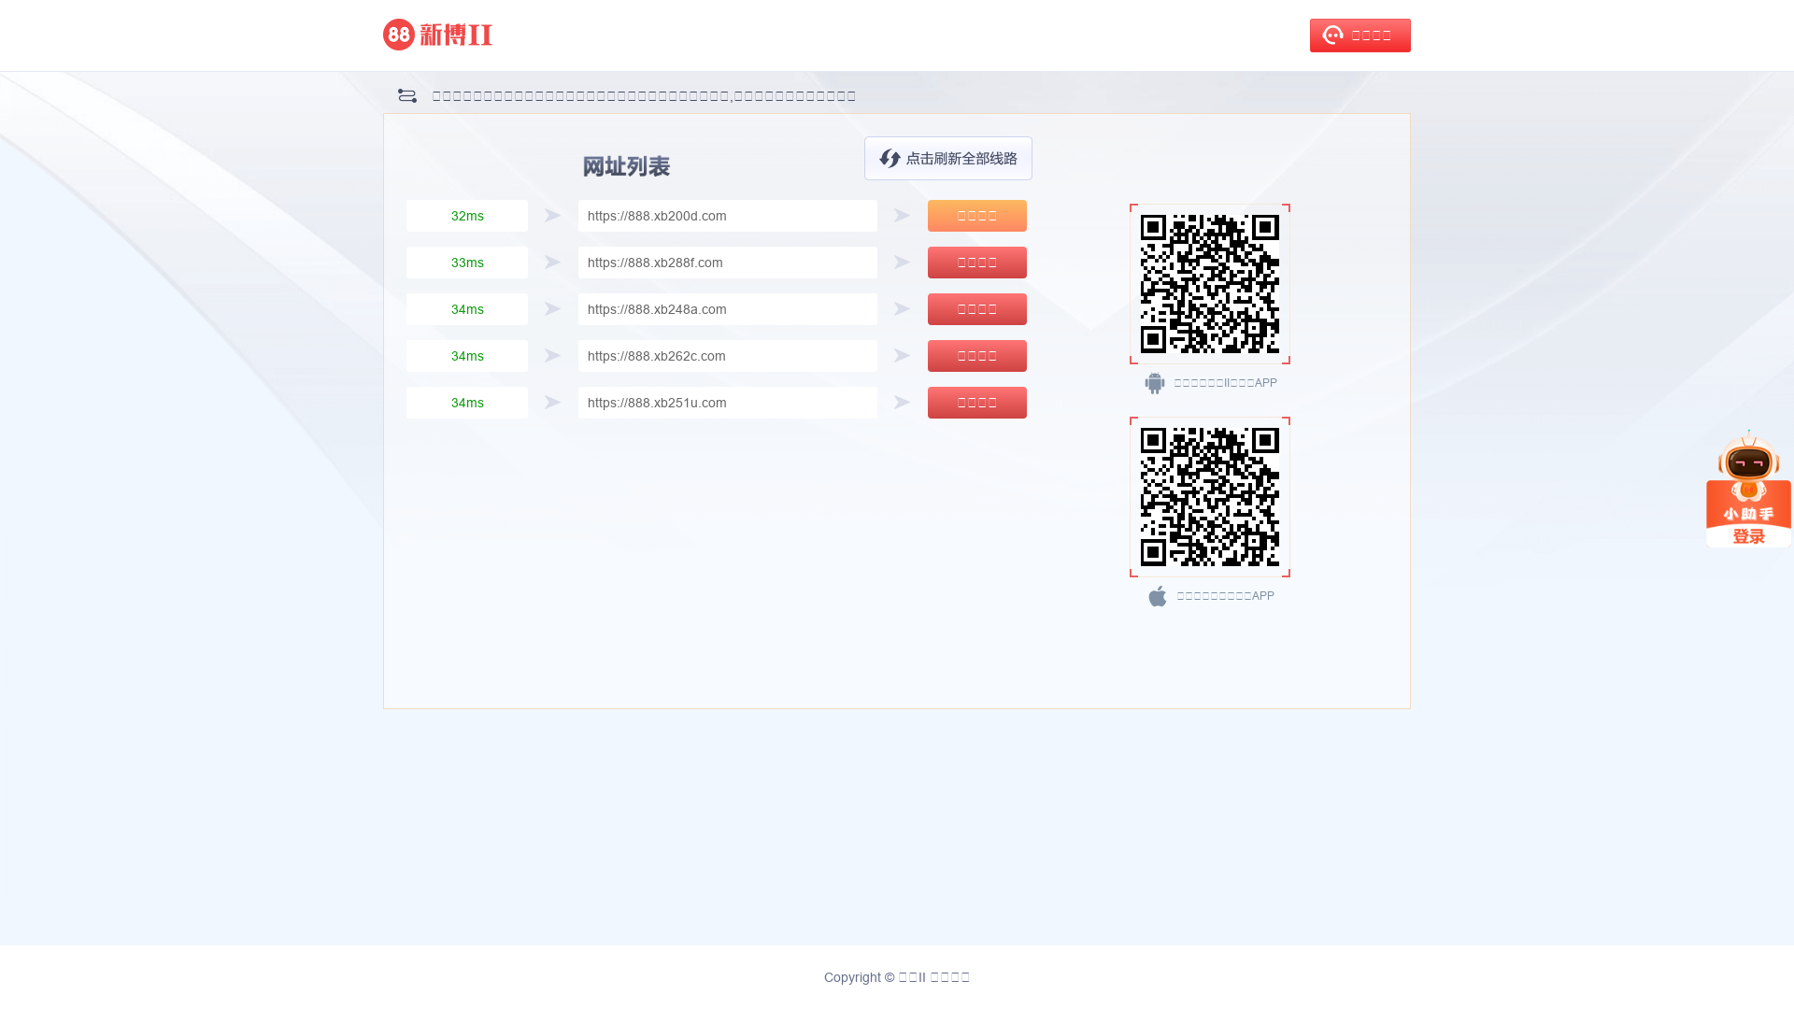 The height and width of the screenshot is (1009, 1794). I want to click on 'https://www.d3s9v.cc/download/nn9ejT', so click(1129, 496).